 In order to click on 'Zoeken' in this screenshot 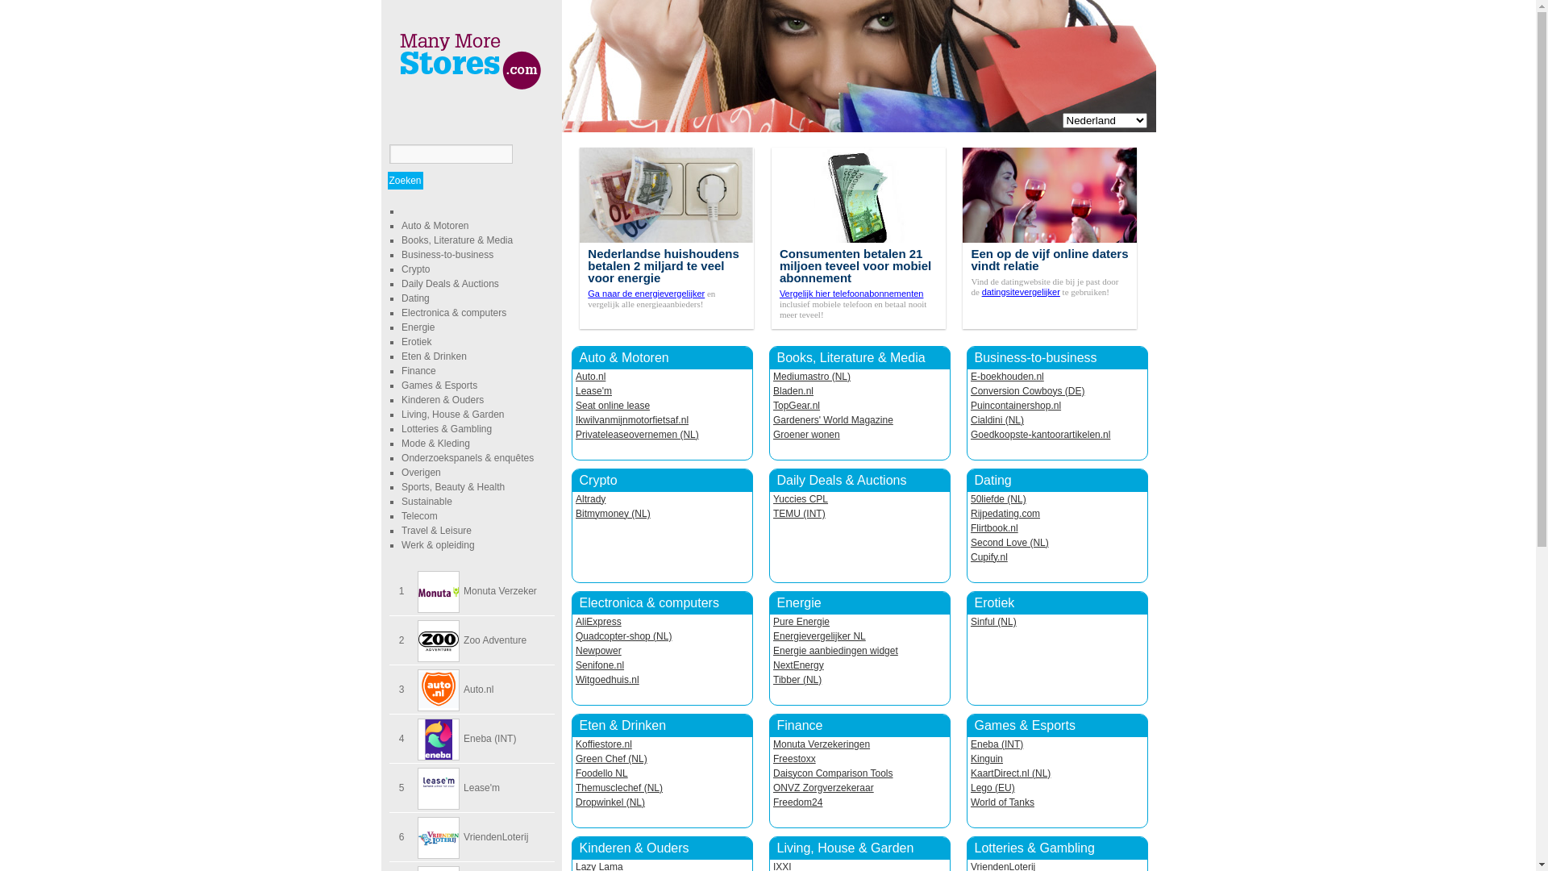, I will do `click(405, 180)`.